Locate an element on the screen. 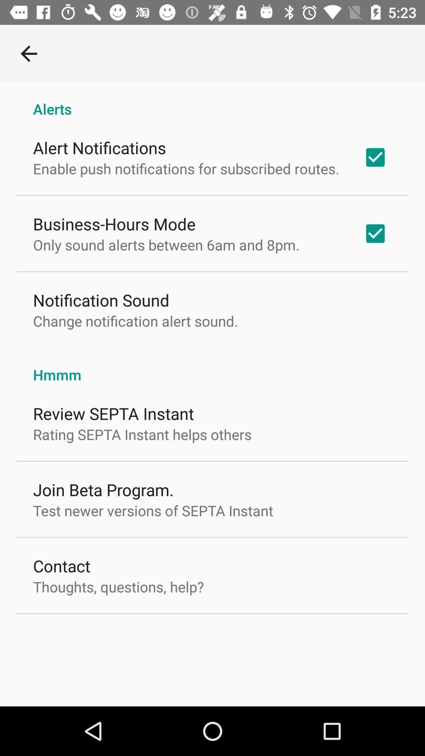 The image size is (425, 756). the icon above the review septa instant is located at coordinates (213, 366).